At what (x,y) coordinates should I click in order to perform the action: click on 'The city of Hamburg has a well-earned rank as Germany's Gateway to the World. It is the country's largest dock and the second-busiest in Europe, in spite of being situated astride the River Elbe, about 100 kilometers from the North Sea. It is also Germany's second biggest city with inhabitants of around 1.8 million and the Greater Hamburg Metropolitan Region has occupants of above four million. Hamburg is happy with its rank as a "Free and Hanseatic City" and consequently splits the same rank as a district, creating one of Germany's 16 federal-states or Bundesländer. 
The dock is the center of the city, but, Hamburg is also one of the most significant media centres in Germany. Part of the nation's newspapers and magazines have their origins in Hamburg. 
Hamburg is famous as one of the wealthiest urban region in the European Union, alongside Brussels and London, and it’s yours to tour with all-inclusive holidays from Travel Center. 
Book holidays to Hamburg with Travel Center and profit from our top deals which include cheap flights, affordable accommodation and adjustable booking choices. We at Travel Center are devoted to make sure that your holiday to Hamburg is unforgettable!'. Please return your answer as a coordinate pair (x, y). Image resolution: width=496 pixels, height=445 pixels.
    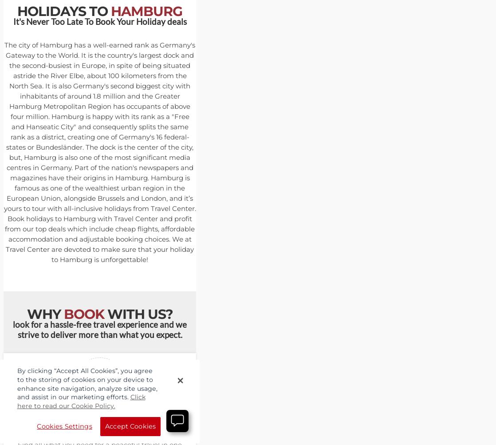
    Looking at the image, I should click on (99, 152).